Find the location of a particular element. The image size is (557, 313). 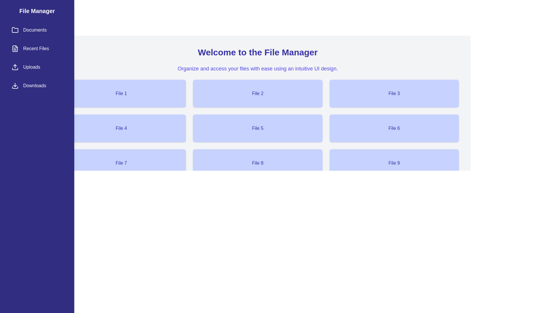

the sidebar menu category Downloads is located at coordinates (37, 86).